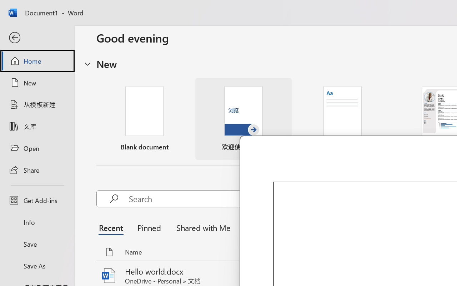  What do you see at coordinates (37, 200) in the screenshot?
I see `'Get Add-ins'` at bounding box center [37, 200].